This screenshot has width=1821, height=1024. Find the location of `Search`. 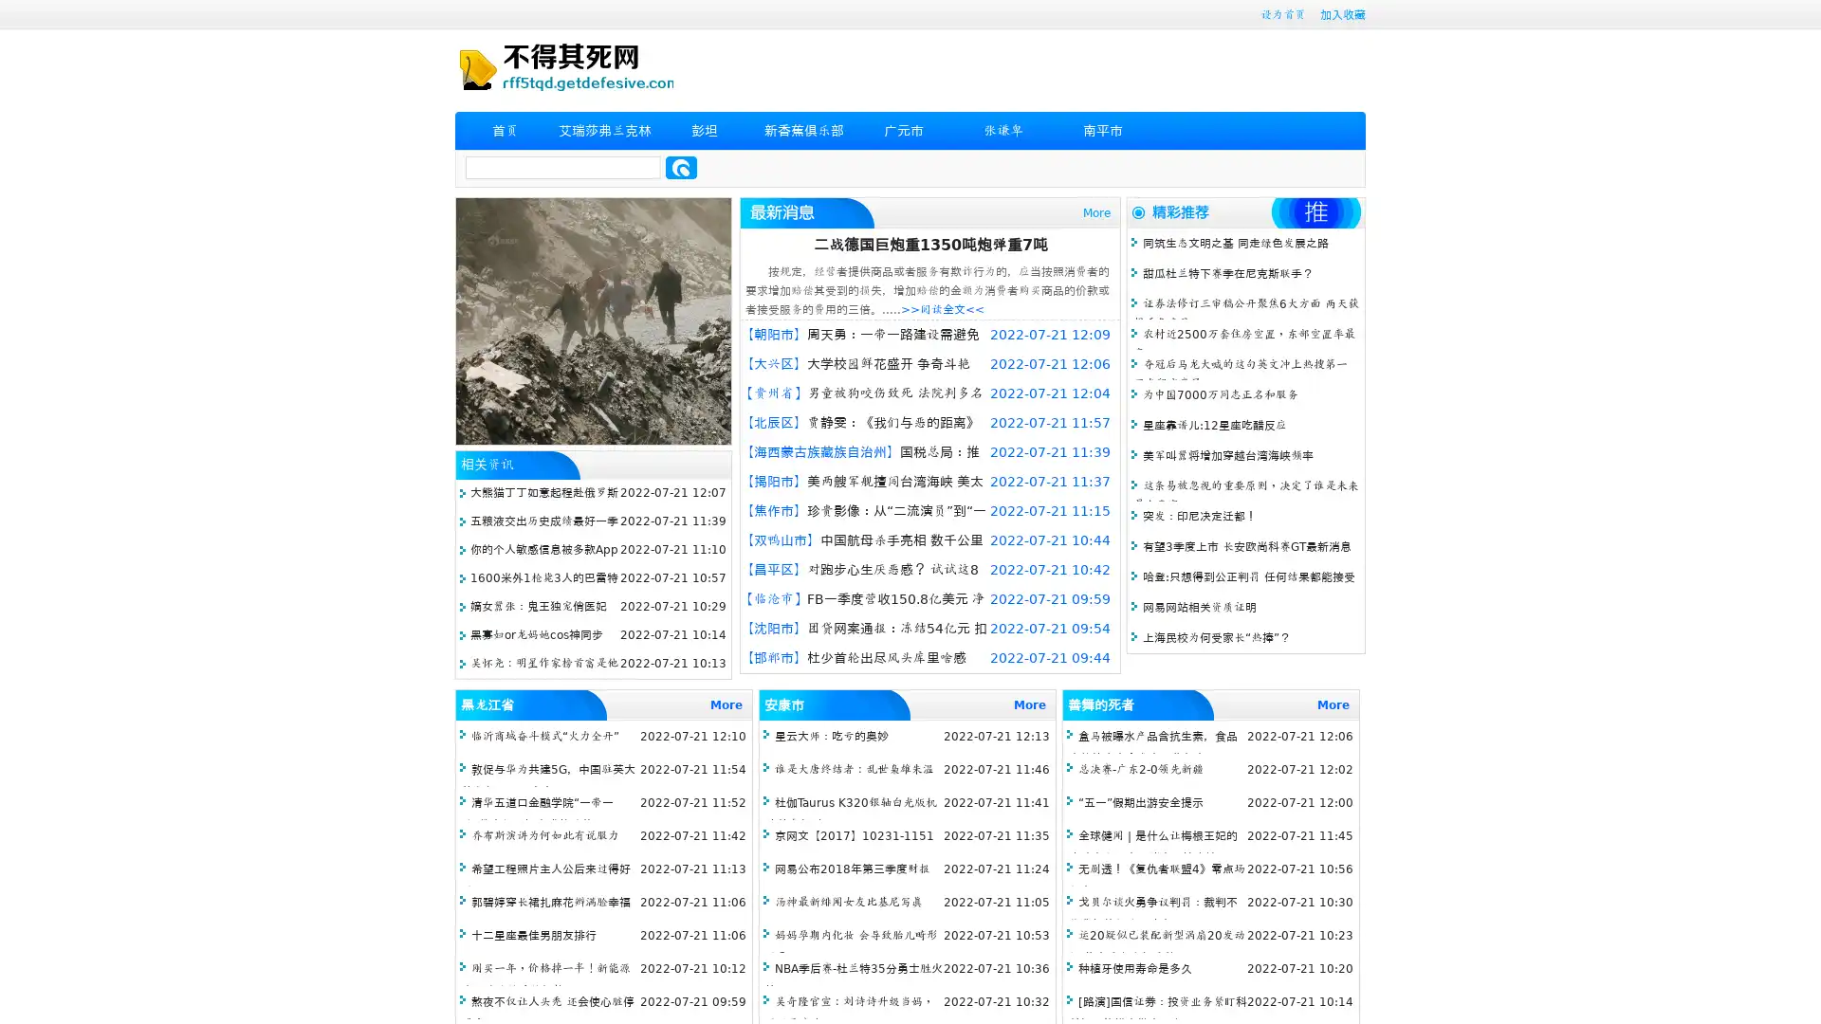

Search is located at coordinates (681, 167).